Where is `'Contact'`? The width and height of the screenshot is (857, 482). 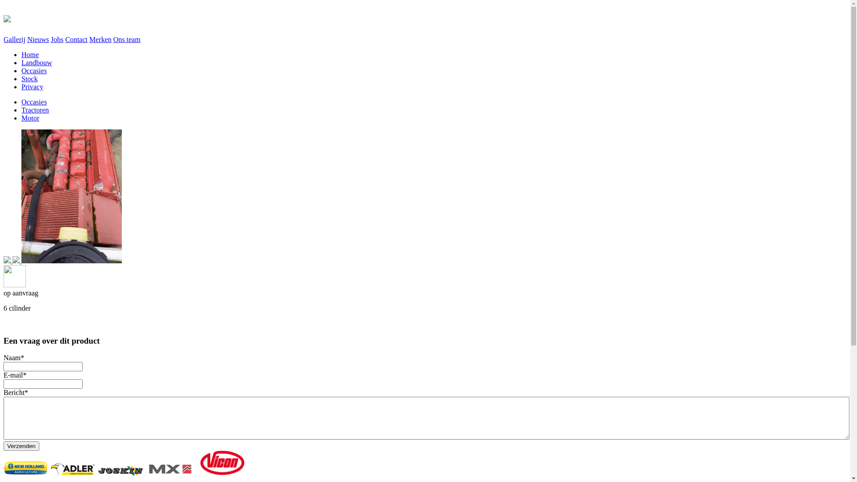 'Contact' is located at coordinates (76, 39).